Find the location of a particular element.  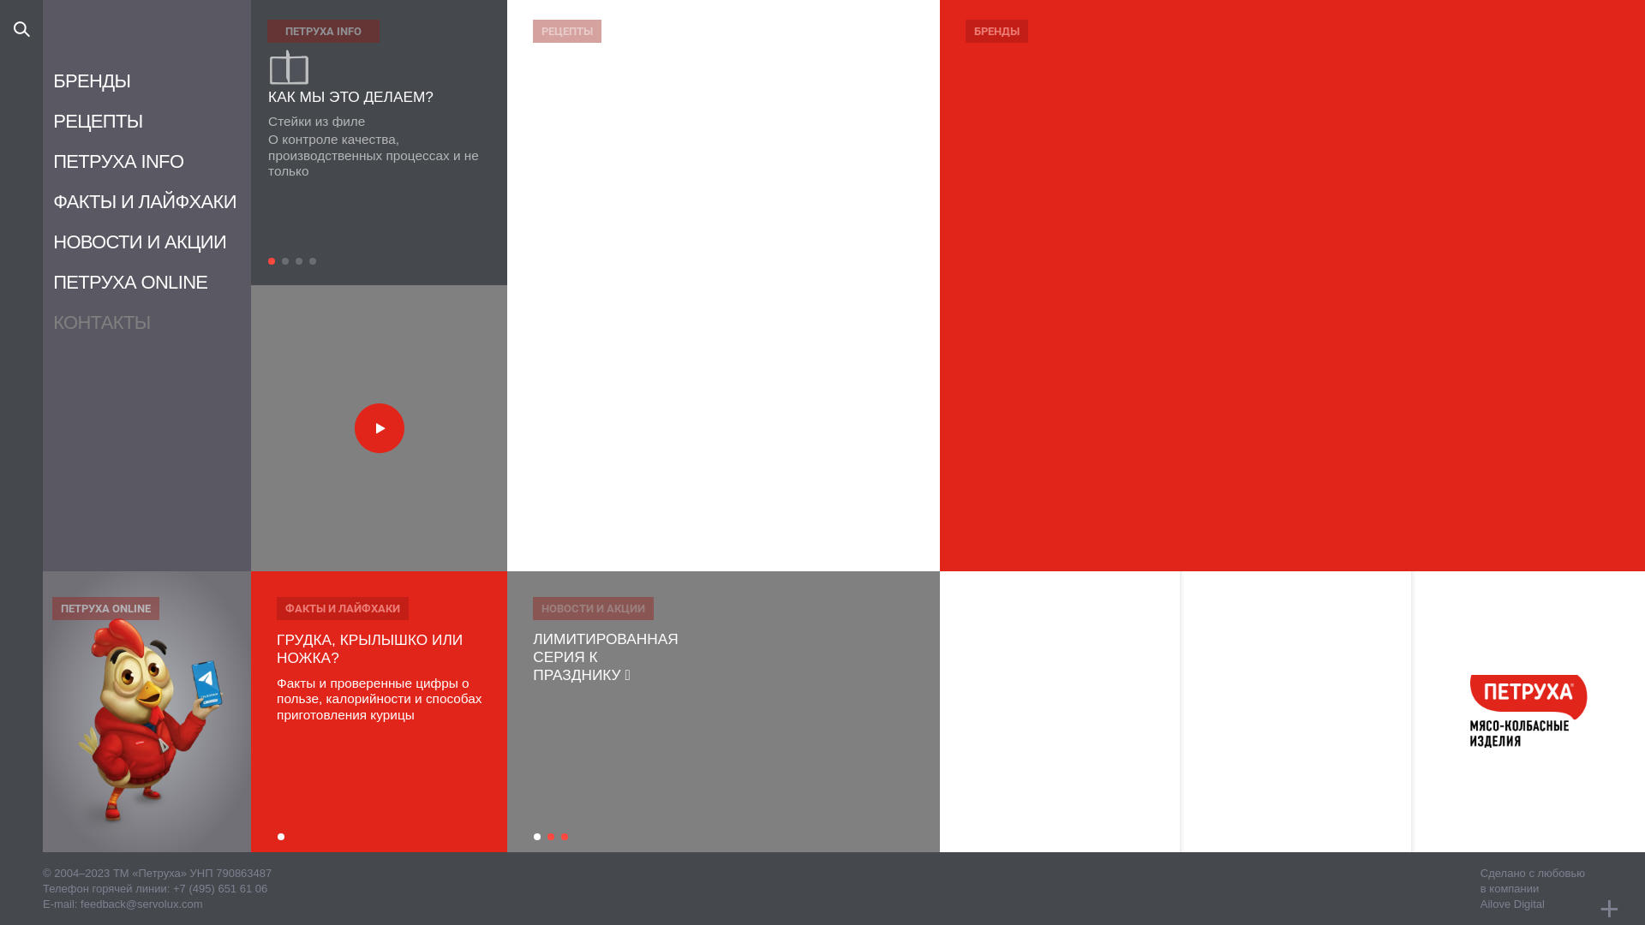

'feedback@servolux.com' is located at coordinates (141, 903).